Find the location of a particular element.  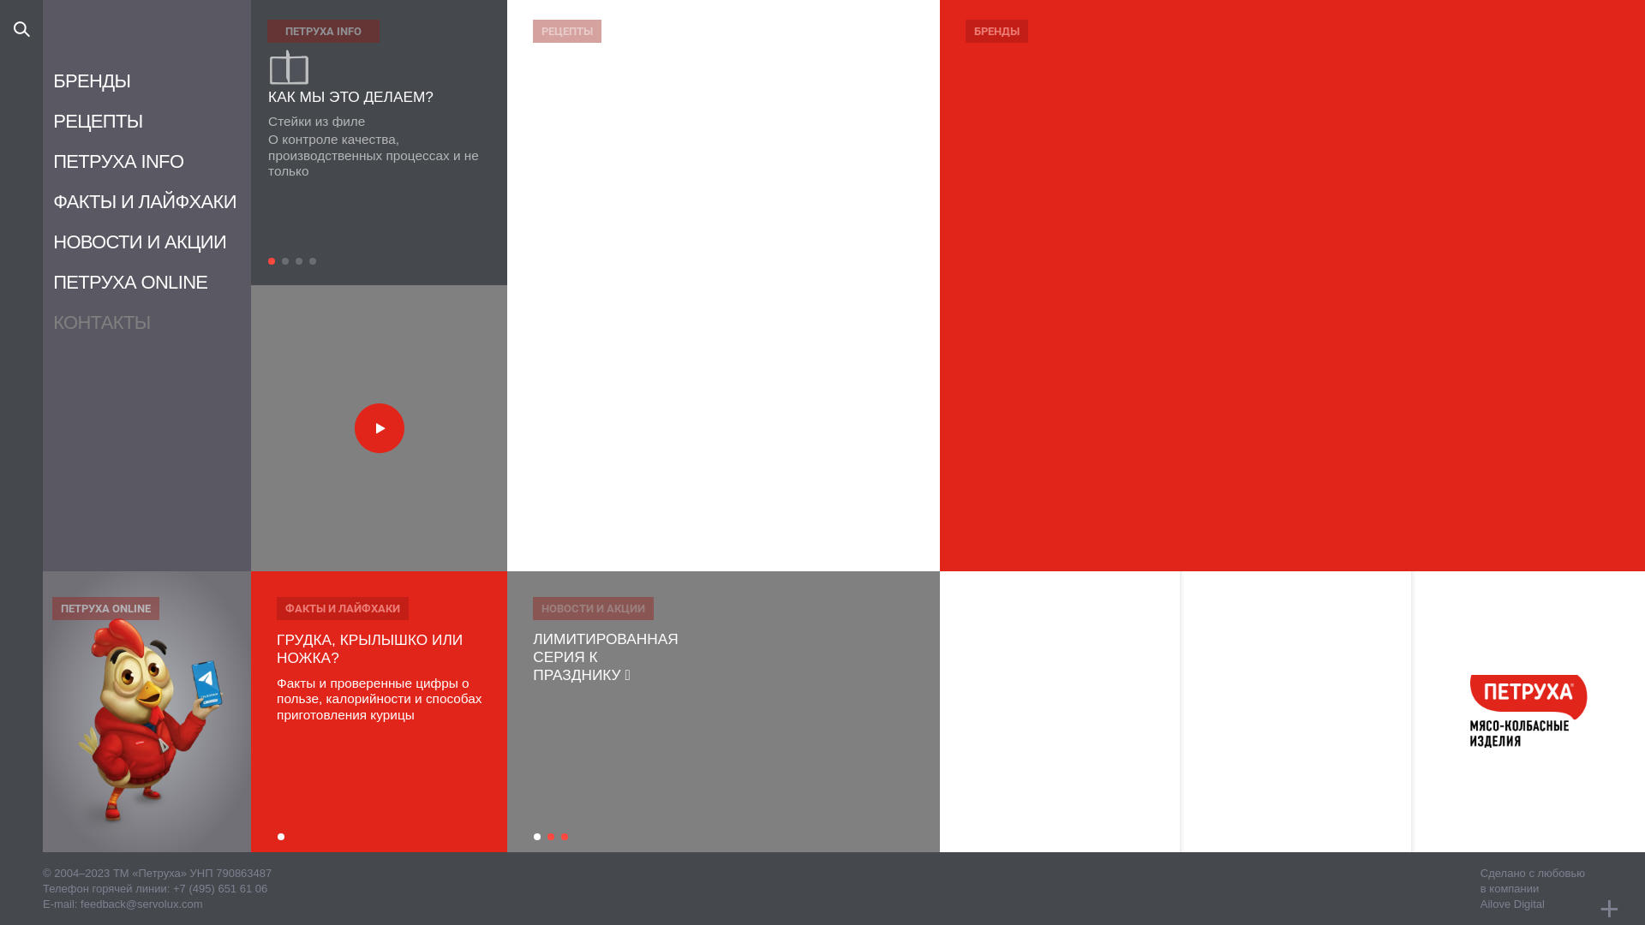

'feedback@servolux.com' is located at coordinates (141, 903).